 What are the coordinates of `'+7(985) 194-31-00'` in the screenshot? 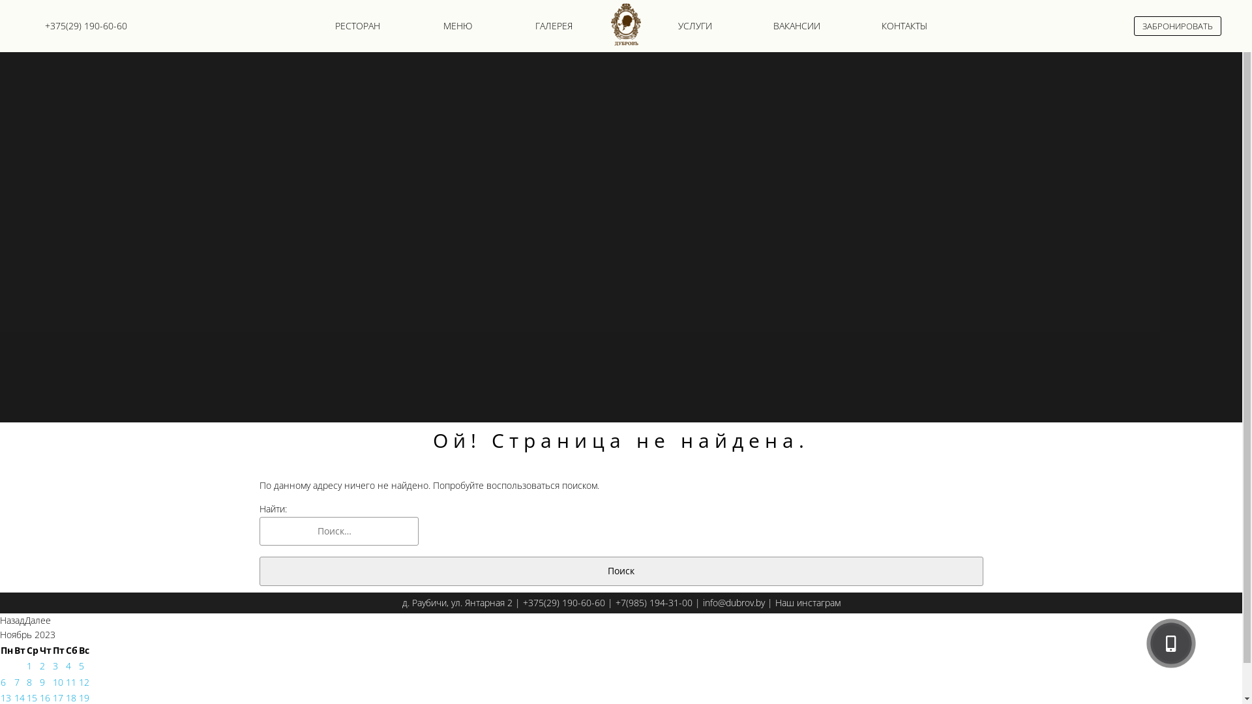 It's located at (615, 602).